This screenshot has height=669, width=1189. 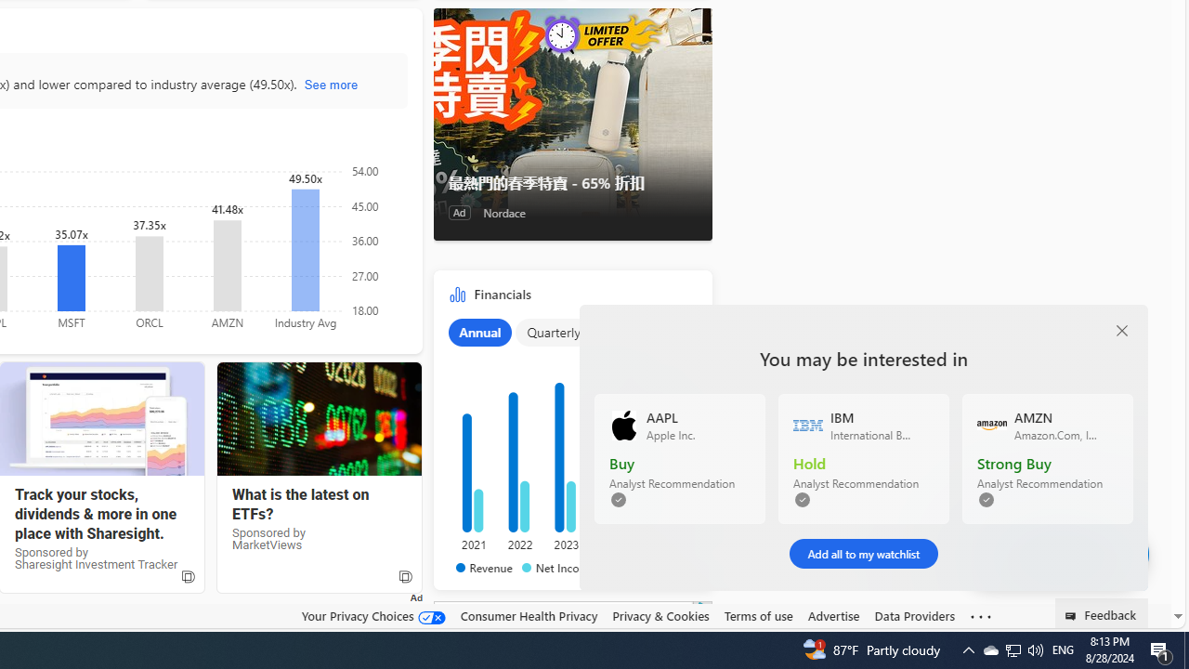 I want to click on 'Your Privacy Choices', so click(x=372, y=615).